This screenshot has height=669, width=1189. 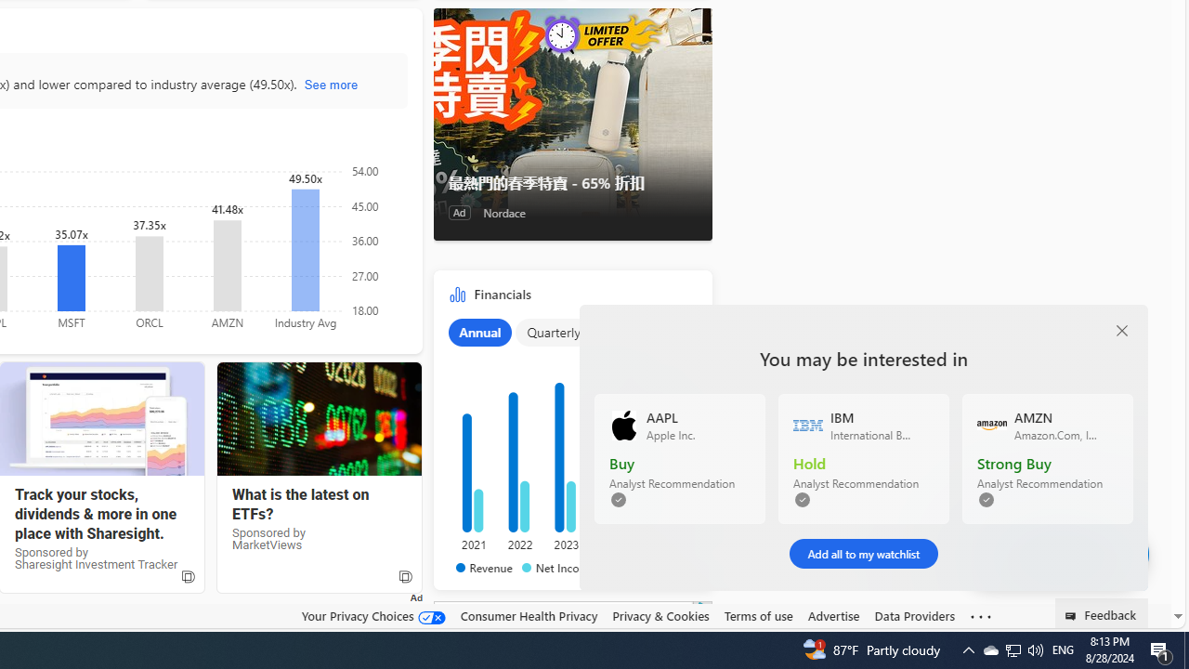 I want to click on 'Your Privacy Choices', so click(x=372, y=615).